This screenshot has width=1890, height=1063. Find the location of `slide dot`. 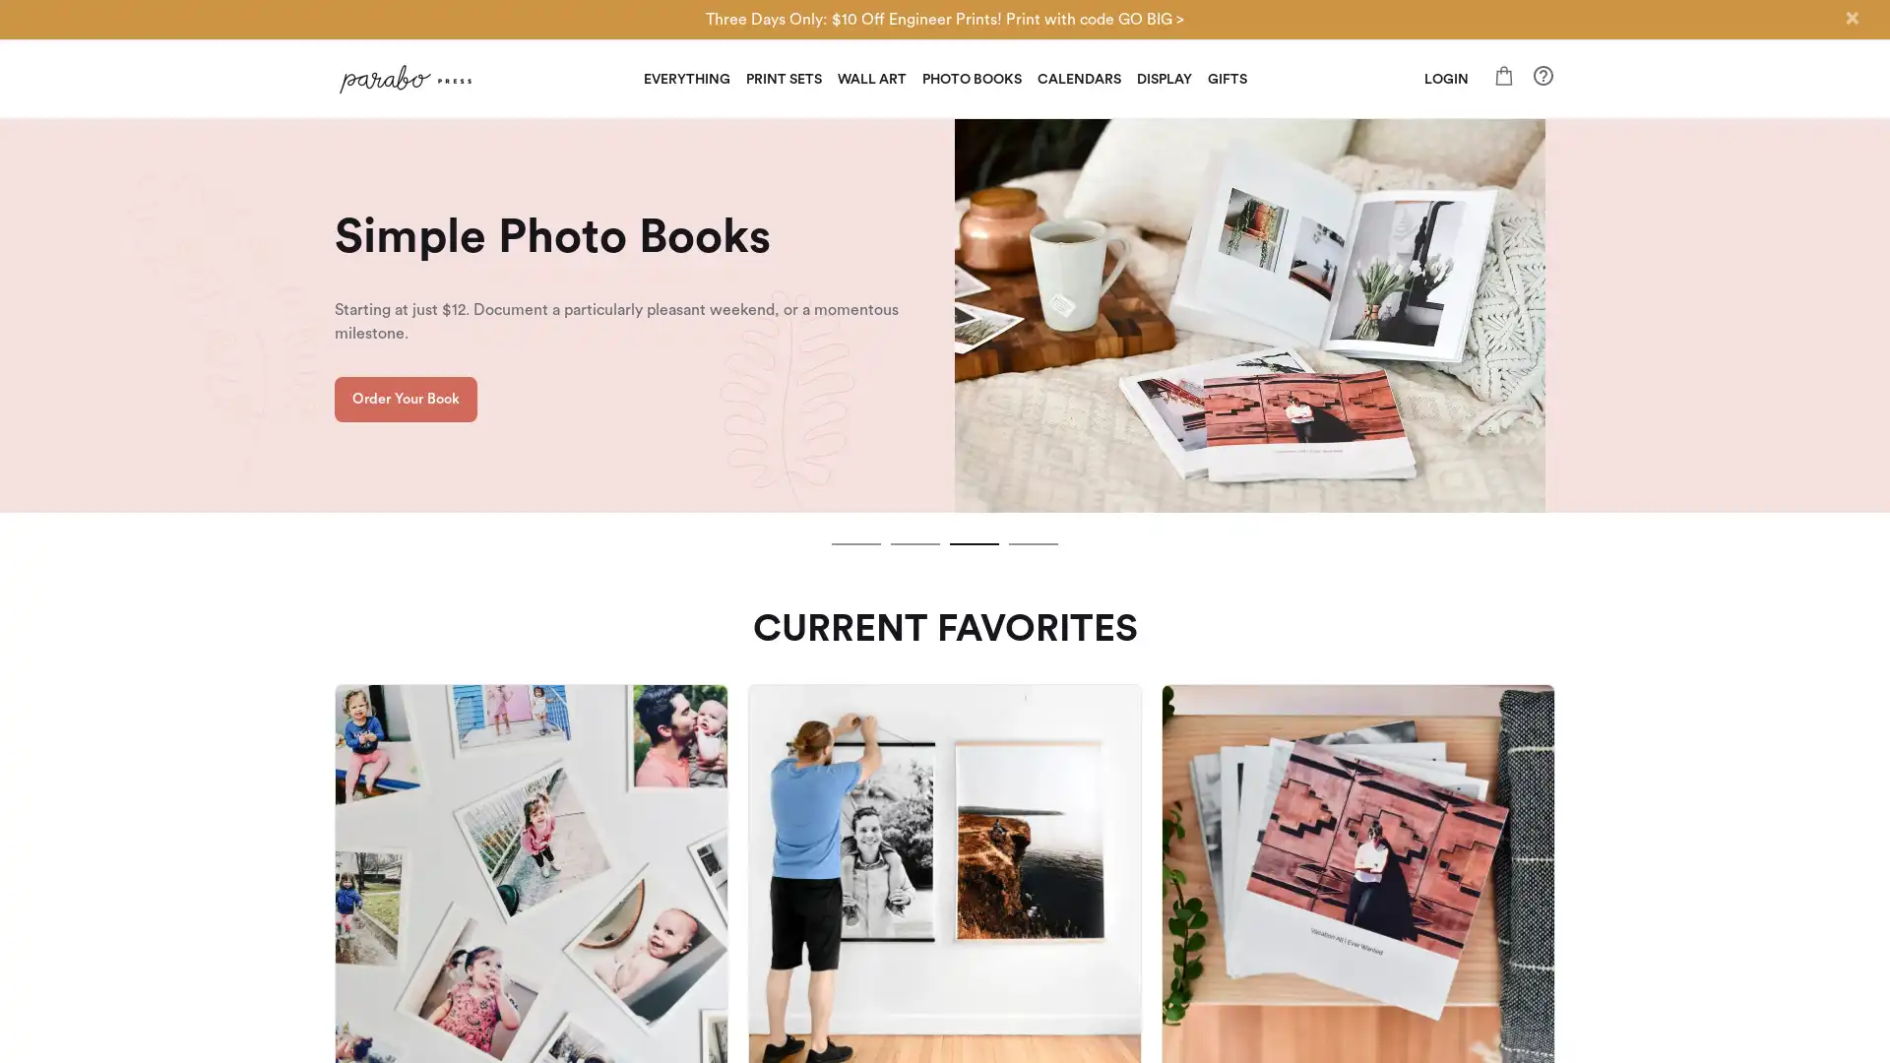

slide dot is located at coordinates (855, 543).